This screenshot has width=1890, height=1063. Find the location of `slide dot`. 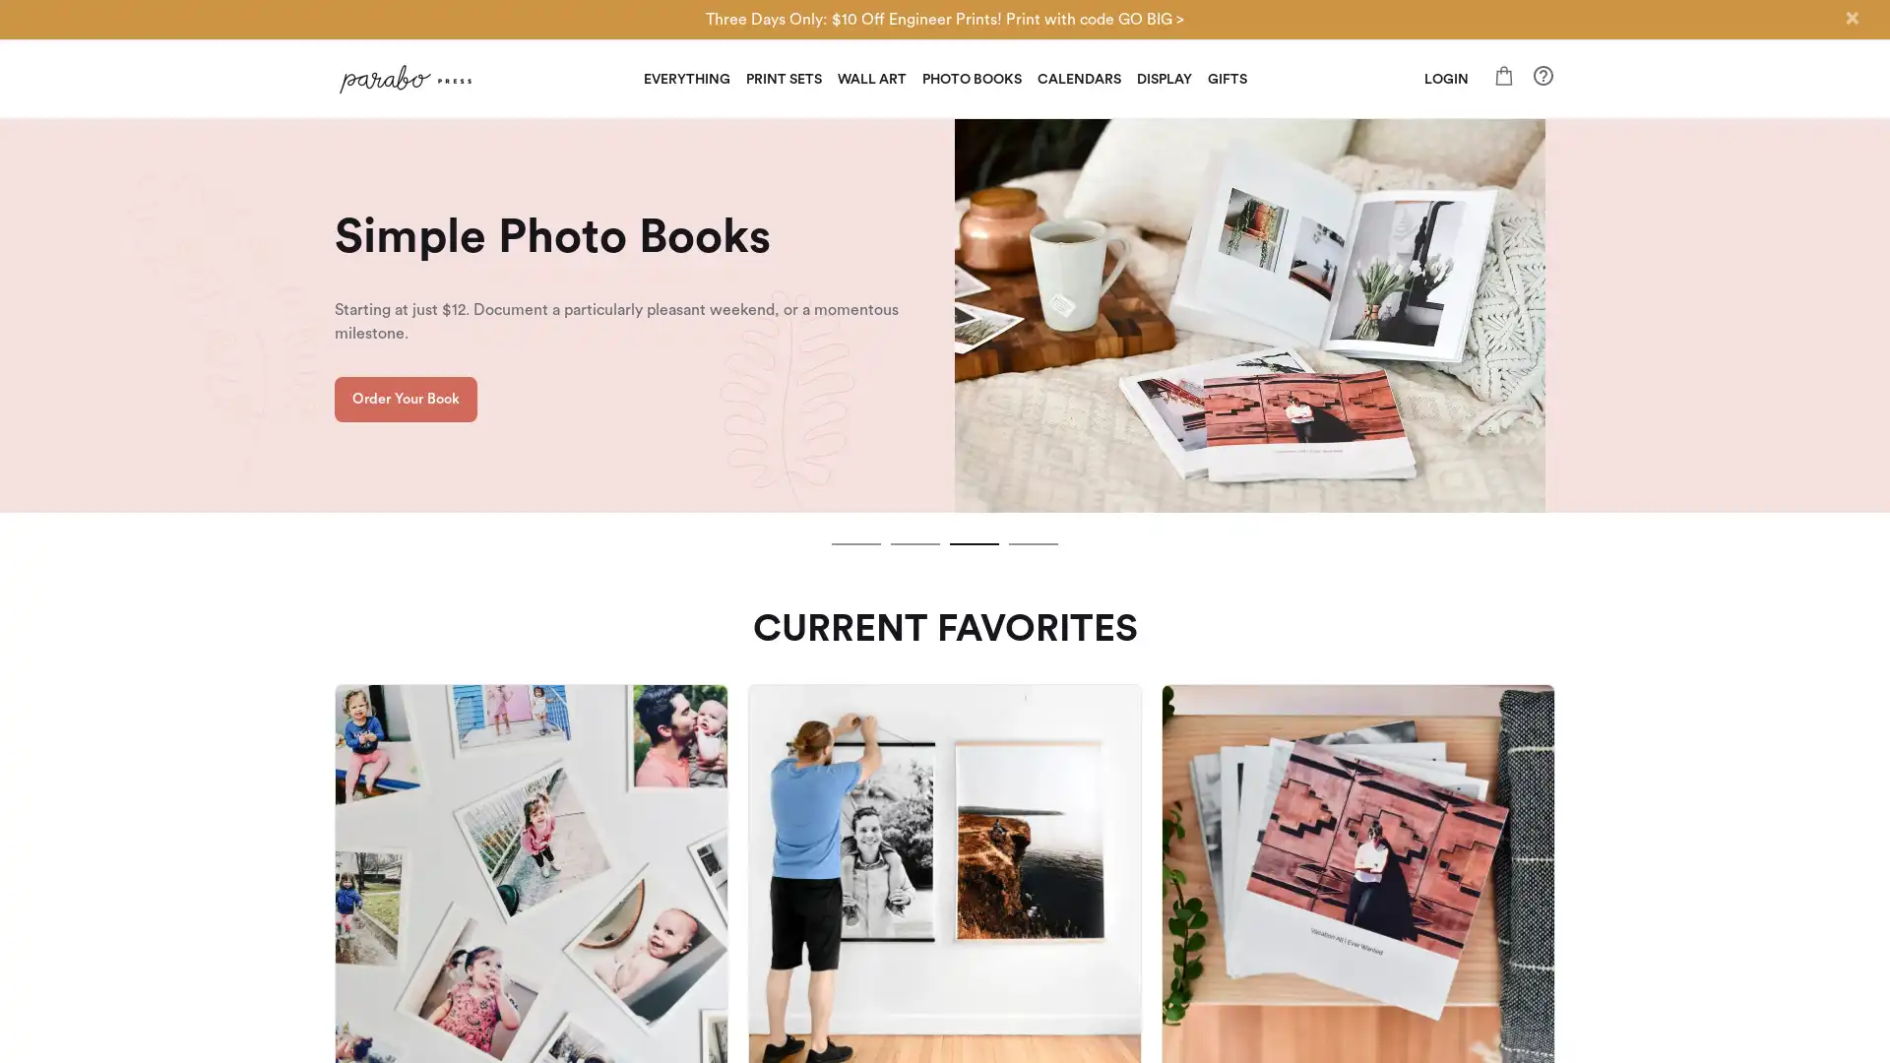

slide dot is located at coordinates (855, 543).